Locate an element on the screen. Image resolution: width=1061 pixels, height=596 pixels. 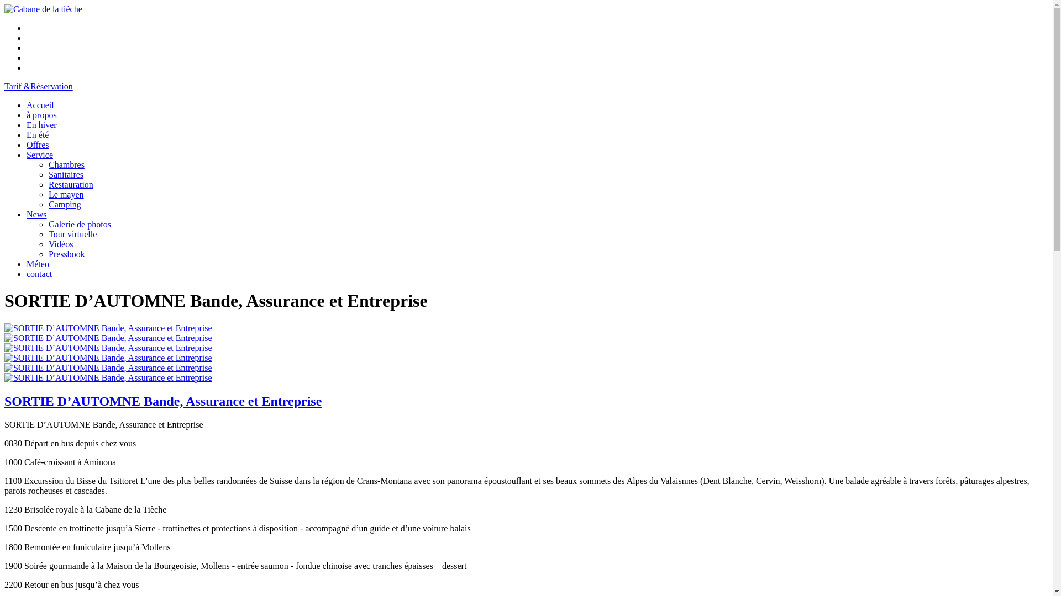
'Tour virtuelle' is located at coordinates (72, 233).